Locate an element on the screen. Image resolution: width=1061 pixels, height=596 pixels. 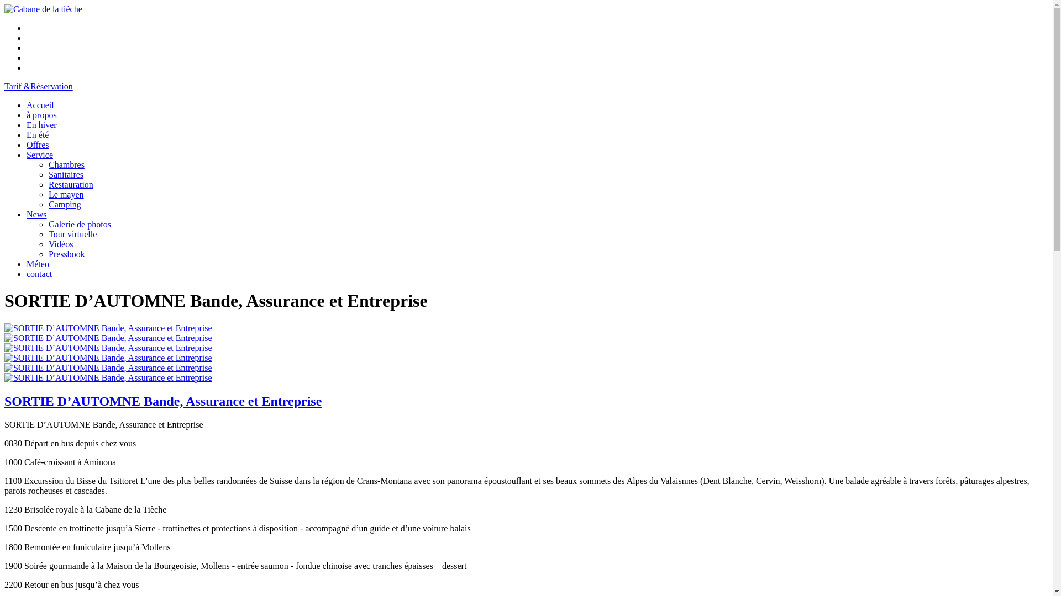
'Tour virtuelle' is located at coordinates (72, 233).